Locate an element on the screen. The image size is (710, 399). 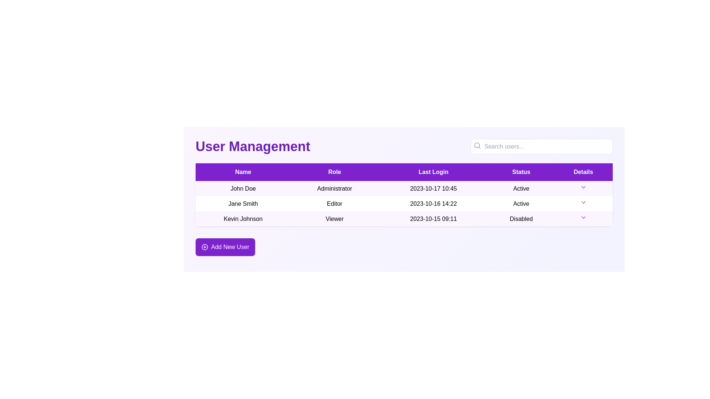
text of the status indicator for user 'Kevin Johnson' located in the third row under the 'Status' column is located at coordinates (521, 218).